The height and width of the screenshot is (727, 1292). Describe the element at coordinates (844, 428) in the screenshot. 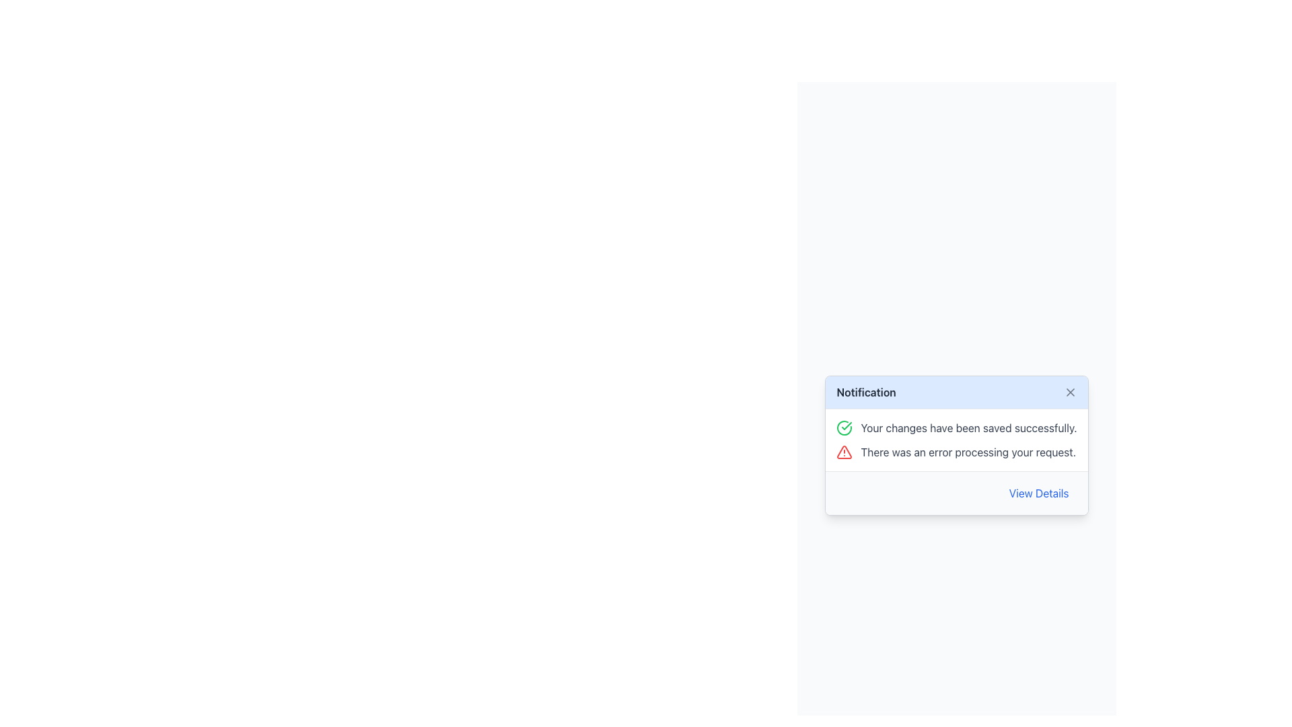

I see `the green circular icon with a check mark indicating successful completion inside the notification box` at that location.